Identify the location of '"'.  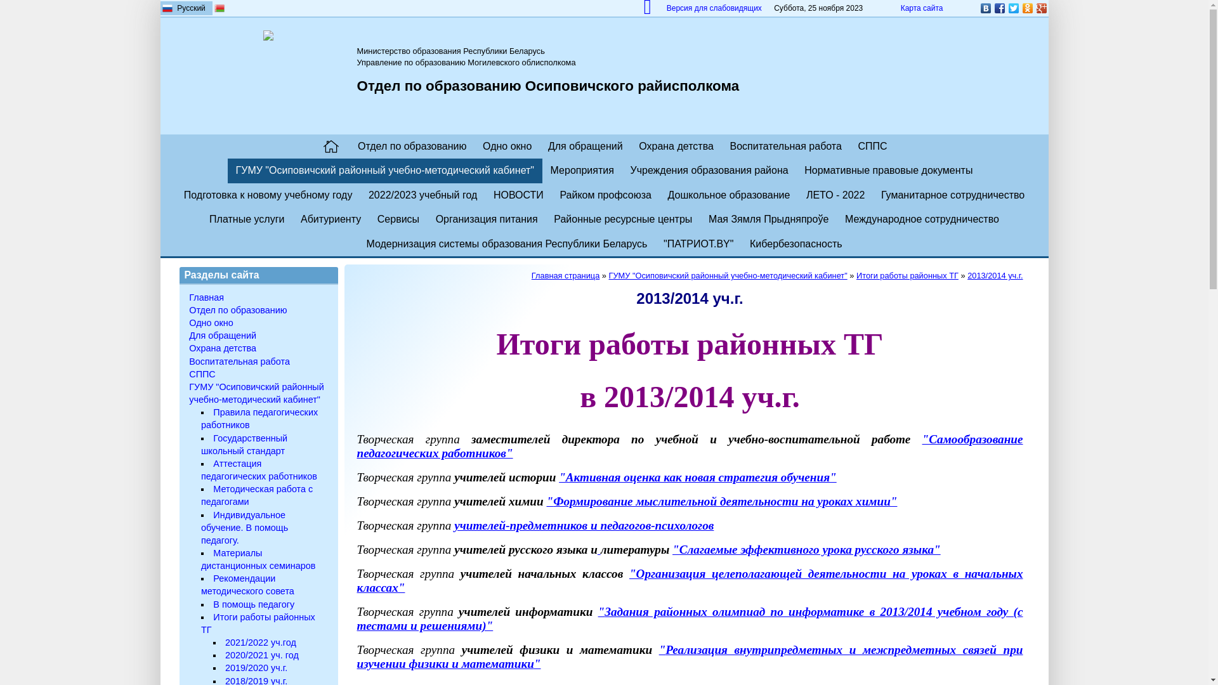
(550, 500).